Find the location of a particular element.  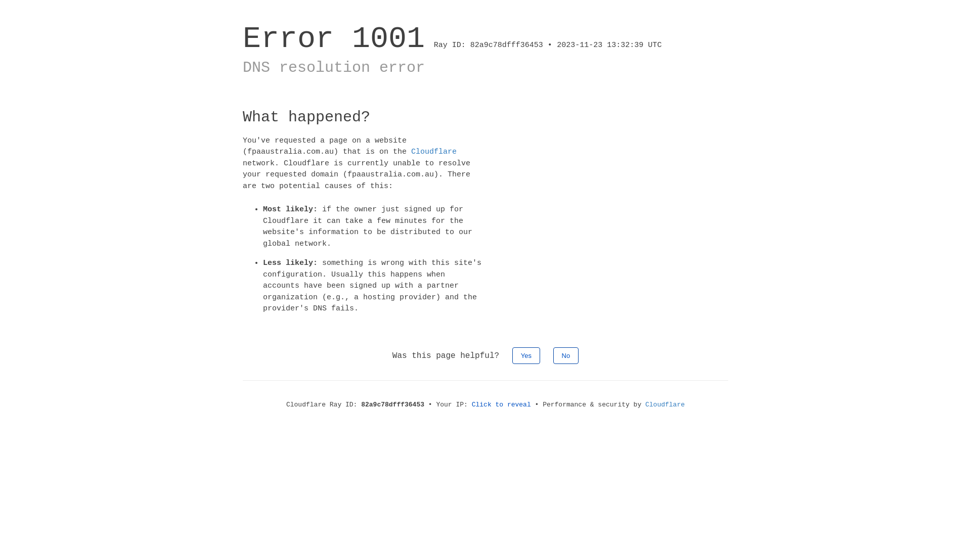

'No' is located at coordinates (565, 354).